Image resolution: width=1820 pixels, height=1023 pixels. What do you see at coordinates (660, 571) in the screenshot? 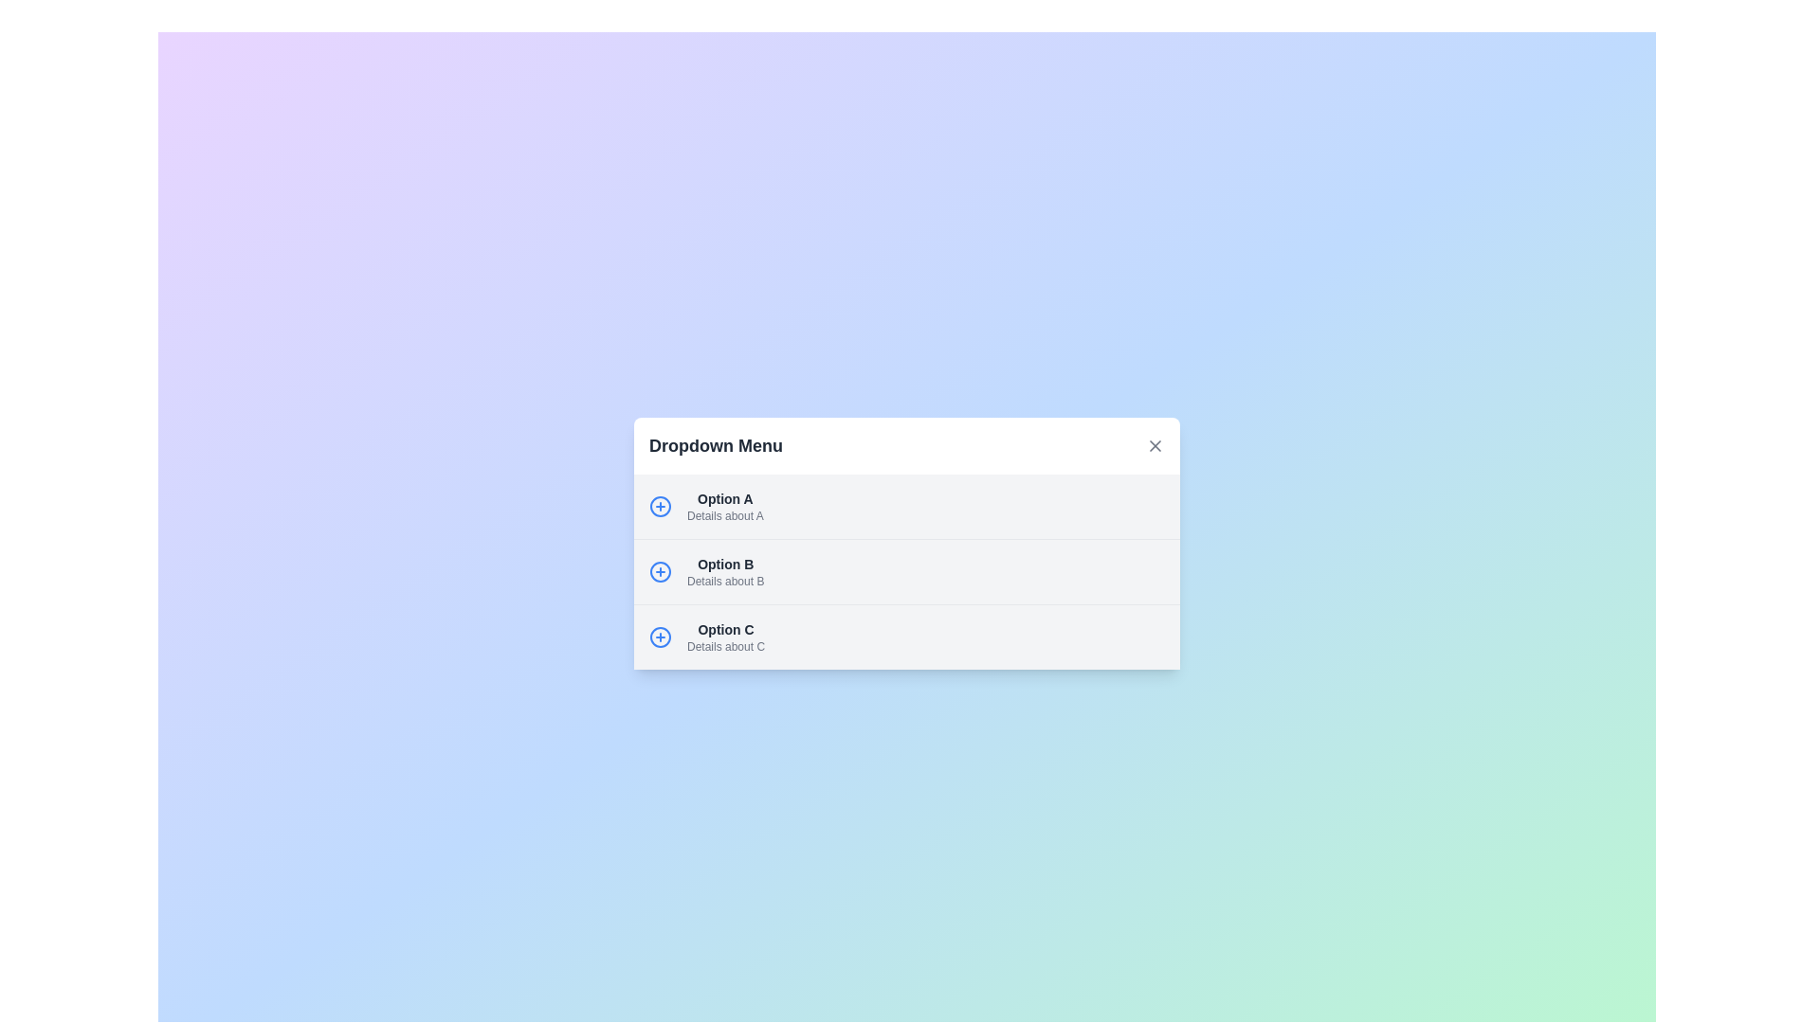
I see `the circular blue button with a '+' sign, which is the second icon button in the vertical list, located to the left of the 'Option B' label in the dropdown menu interface` at bounding box center [660, 571].